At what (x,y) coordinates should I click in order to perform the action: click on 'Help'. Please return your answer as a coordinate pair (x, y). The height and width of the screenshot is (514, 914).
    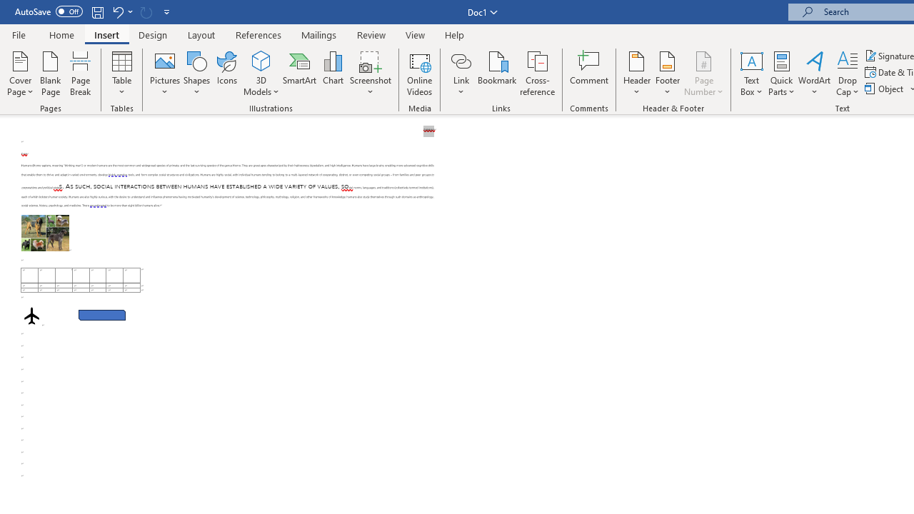
    Looking at the image, I should click on (454, 34).